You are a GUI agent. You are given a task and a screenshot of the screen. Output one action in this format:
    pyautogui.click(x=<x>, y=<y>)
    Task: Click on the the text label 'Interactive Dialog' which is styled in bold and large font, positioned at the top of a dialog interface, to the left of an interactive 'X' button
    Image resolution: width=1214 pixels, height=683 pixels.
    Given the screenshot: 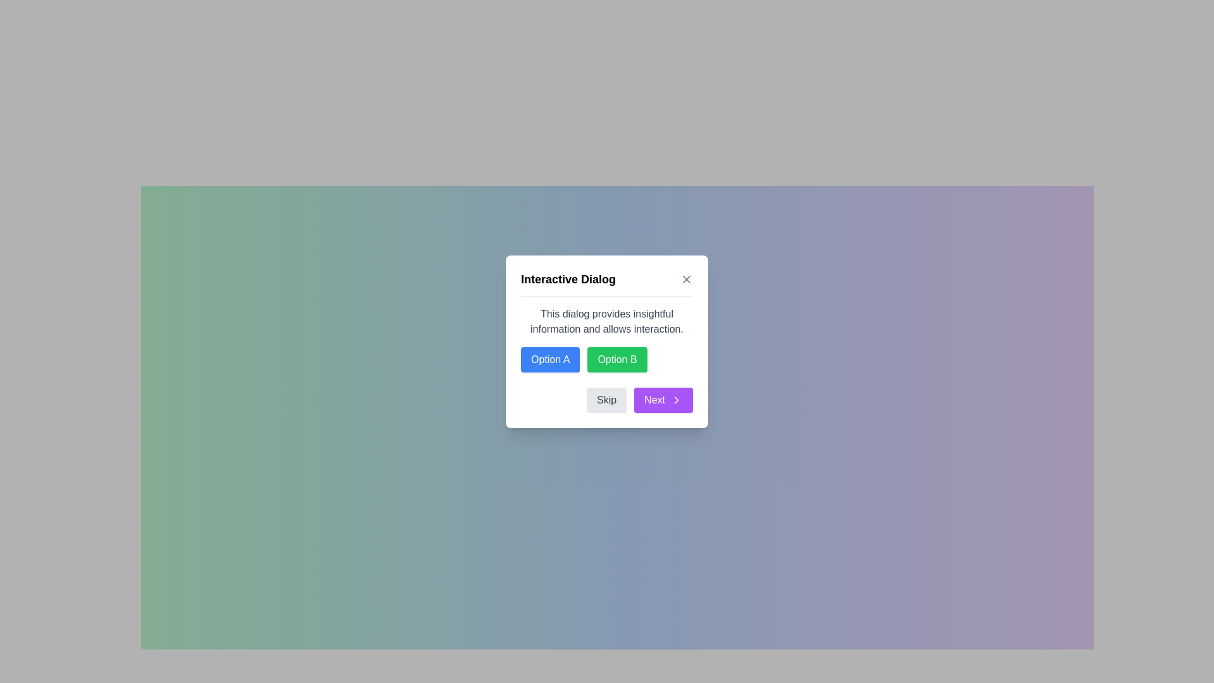 What is the action you would take?
    pyautogui.click(x=567, y=278)
    